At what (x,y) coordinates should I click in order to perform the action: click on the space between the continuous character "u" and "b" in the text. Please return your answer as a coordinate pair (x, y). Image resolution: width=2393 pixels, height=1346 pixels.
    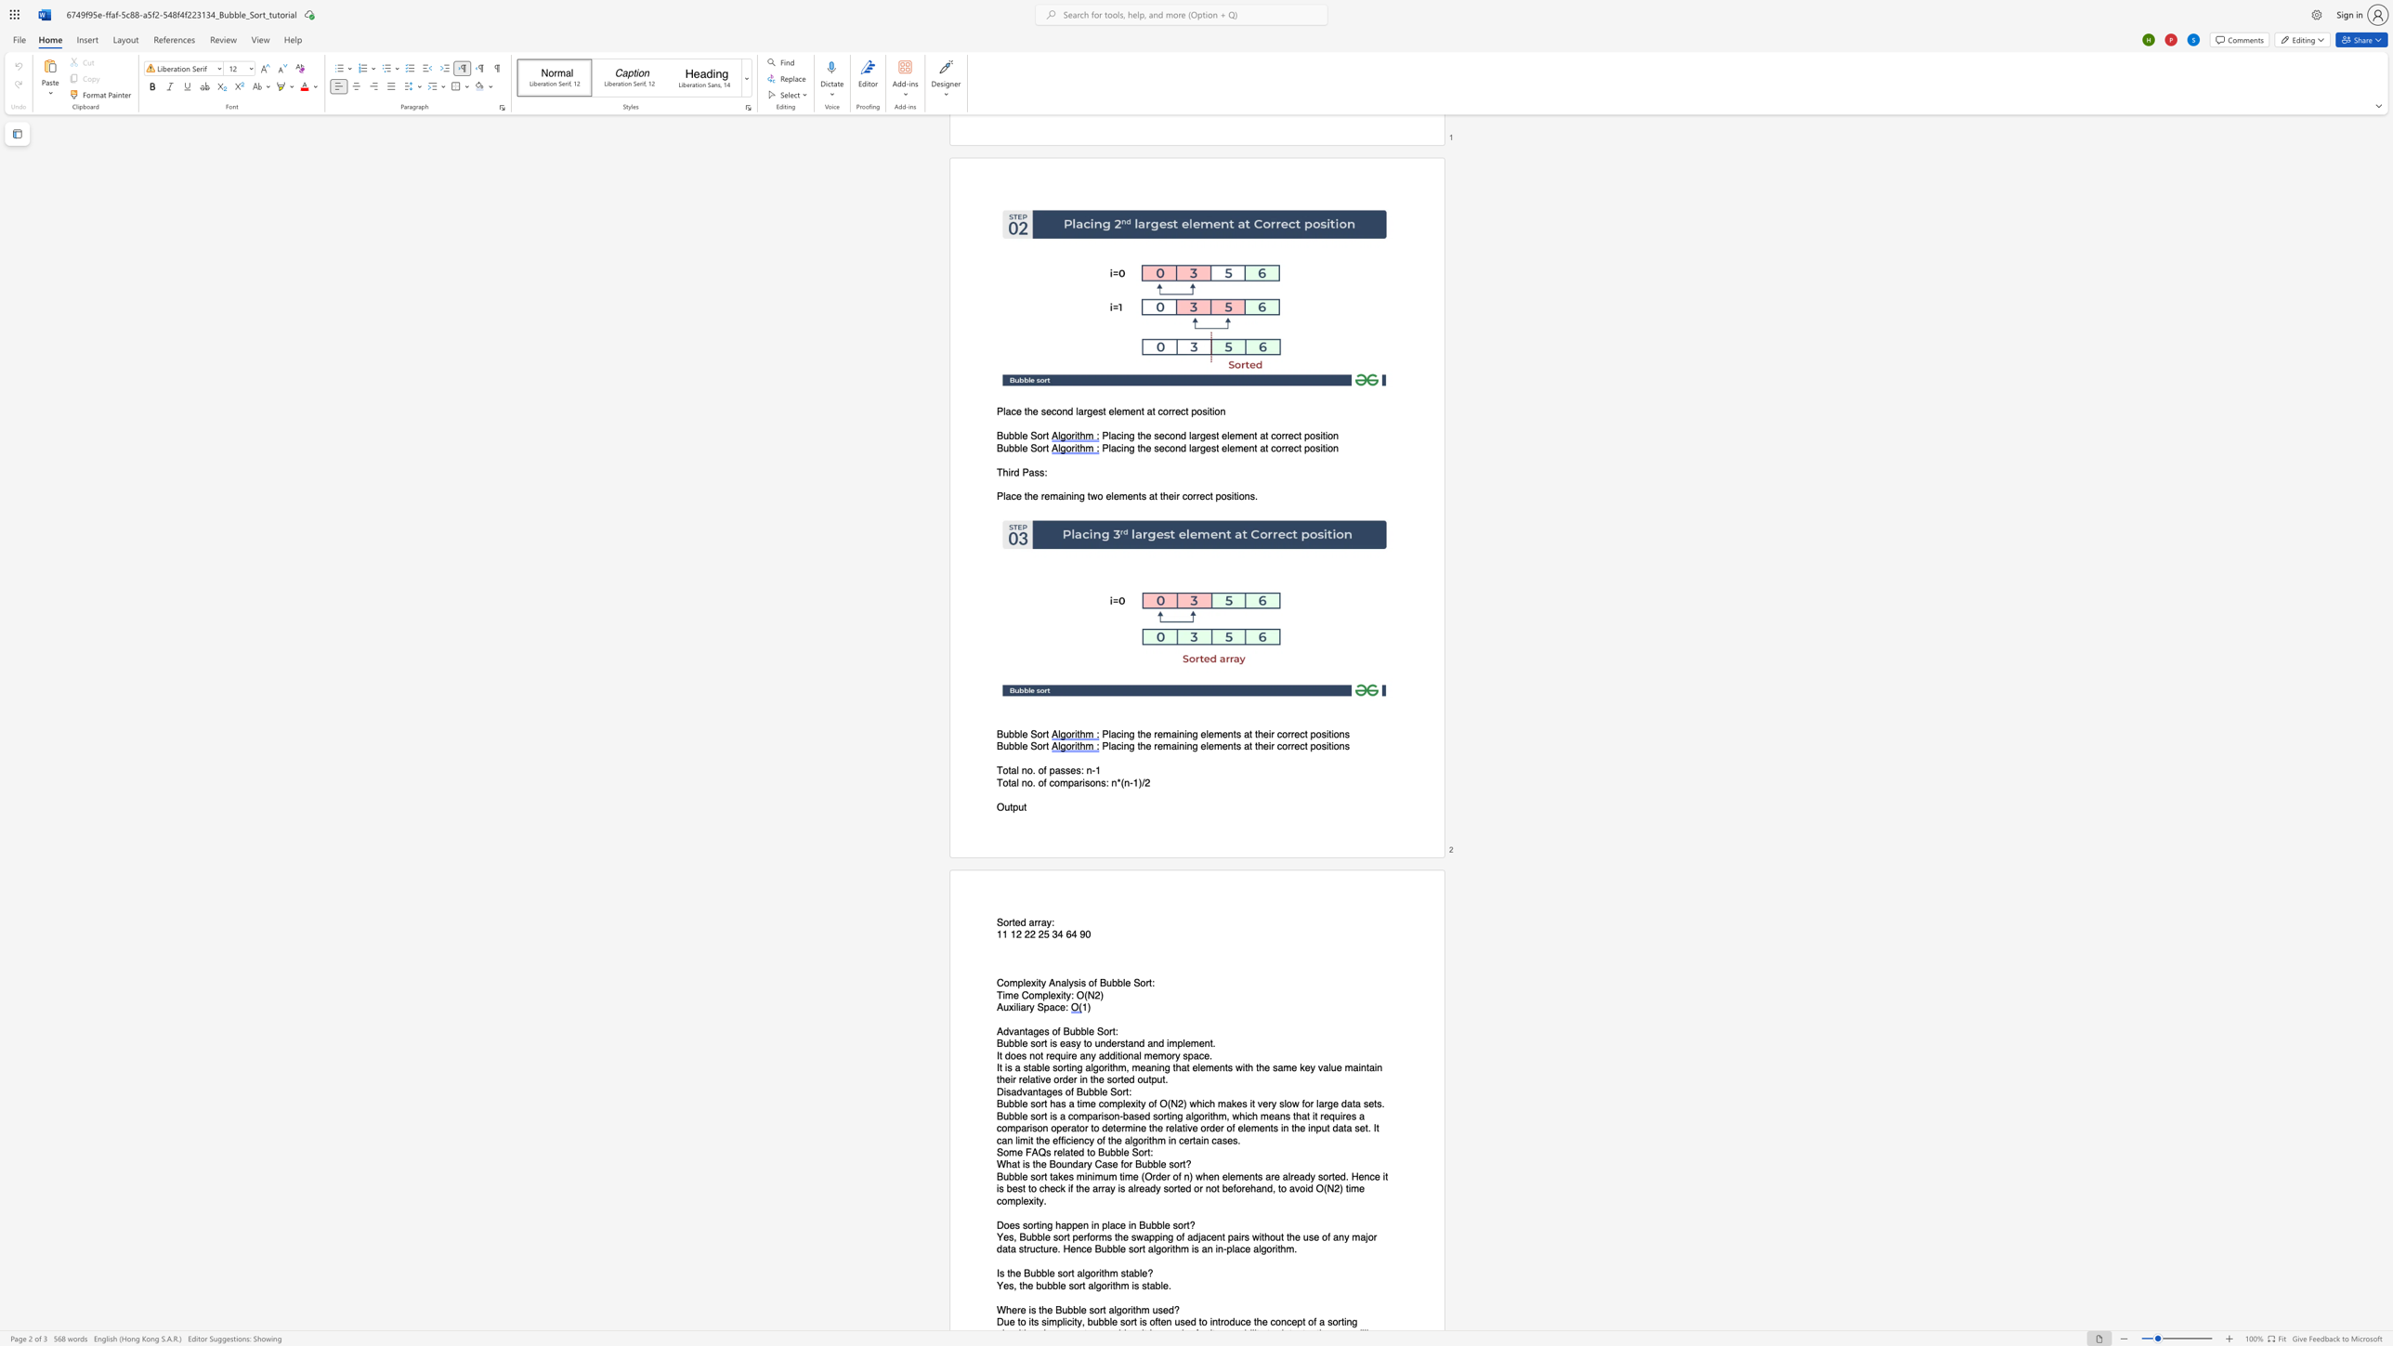
    Looking at the image, I should click on (1008, 734).